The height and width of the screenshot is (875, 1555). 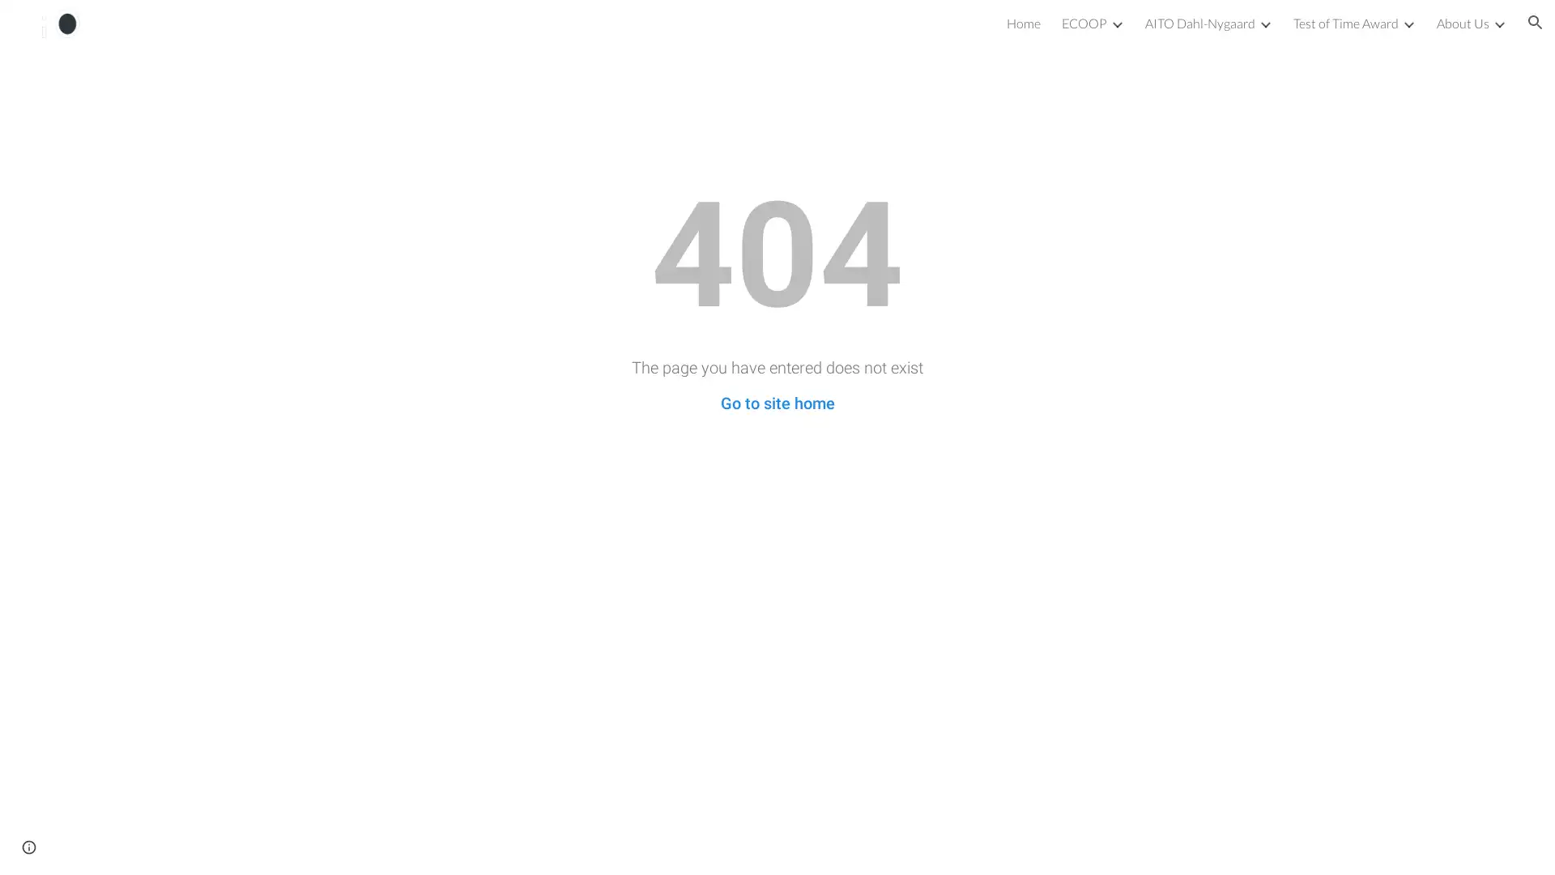 I want to click on Site actions, so click(x=28, y=846).